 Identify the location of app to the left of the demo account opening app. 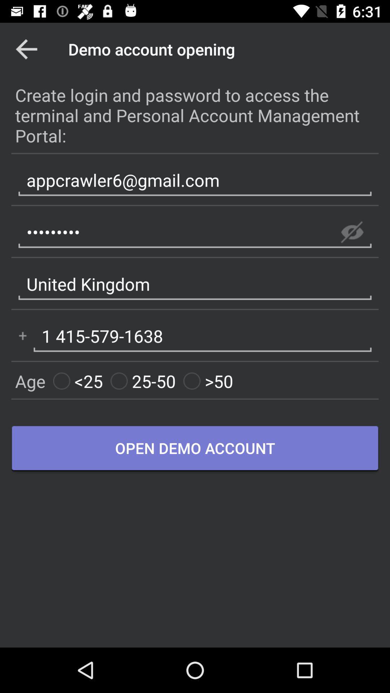
(26, 49).